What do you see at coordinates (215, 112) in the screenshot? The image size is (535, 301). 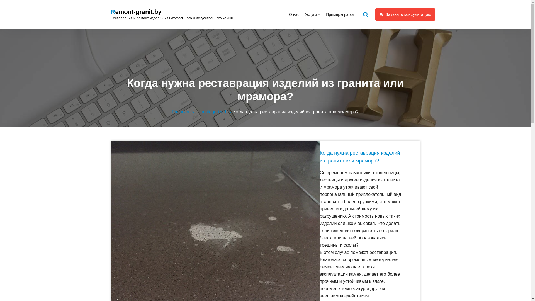 I see `'Uncategorized'` at bounding box center [215, 112].